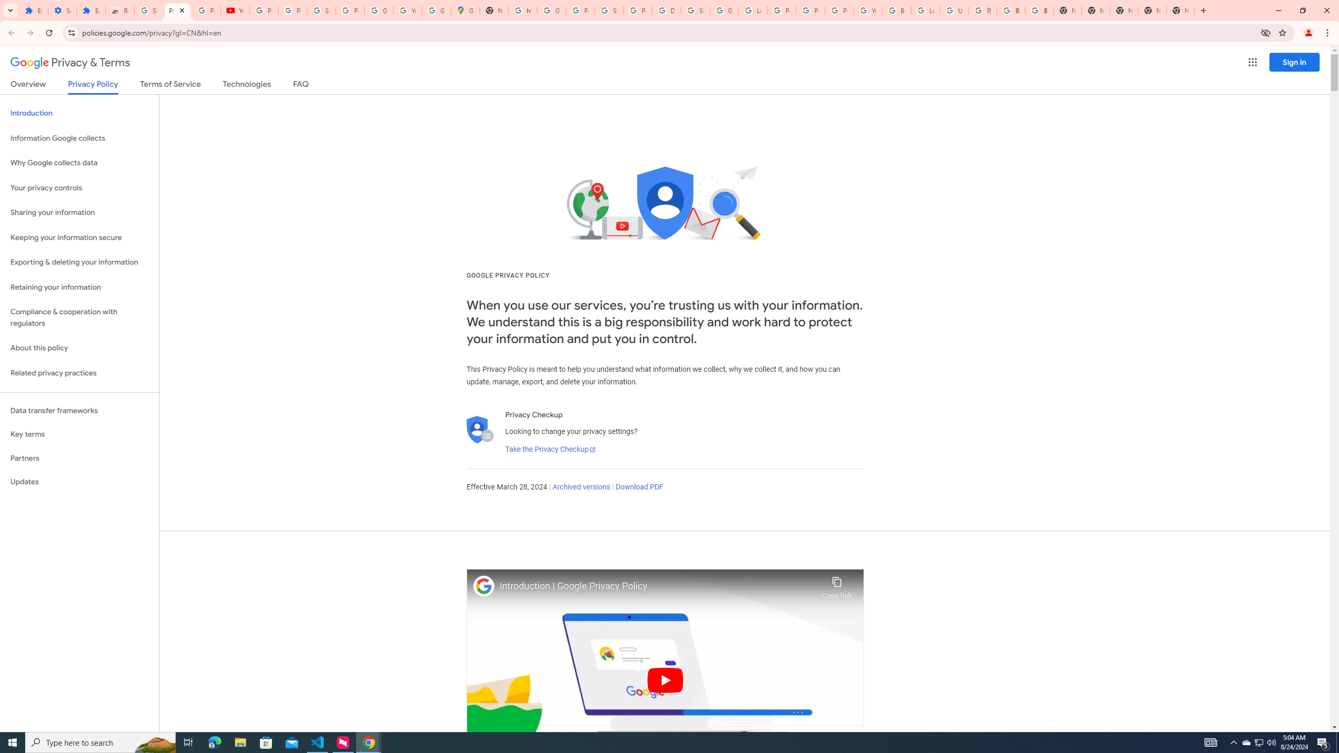  Describe the element at coordinates (79, 162) in the screenshot. I see `'Why Google collects data'` at that location.